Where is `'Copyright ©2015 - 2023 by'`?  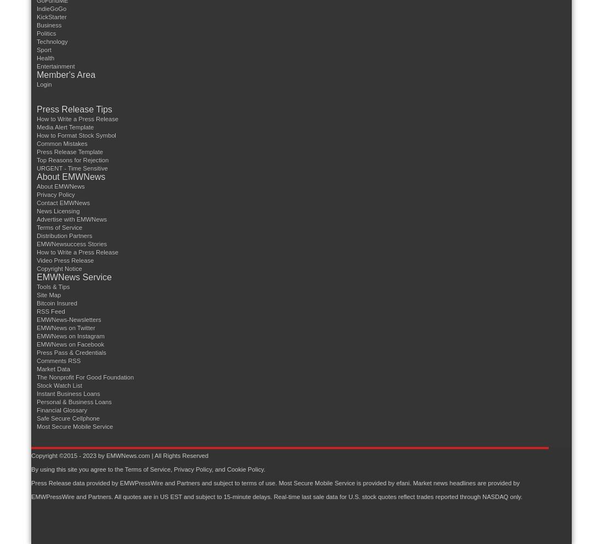 'Copyright ©2015 - 2023 by' is located at coordinates (68, 455).